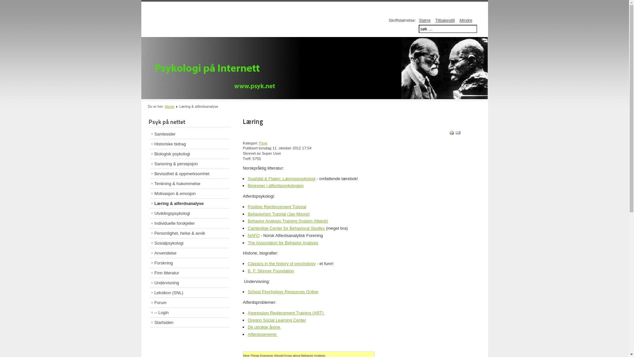  What do you see at coordinates (189, 134) in the screenshot?
I see `'Samlesider'` at bounding box center [189, 134].